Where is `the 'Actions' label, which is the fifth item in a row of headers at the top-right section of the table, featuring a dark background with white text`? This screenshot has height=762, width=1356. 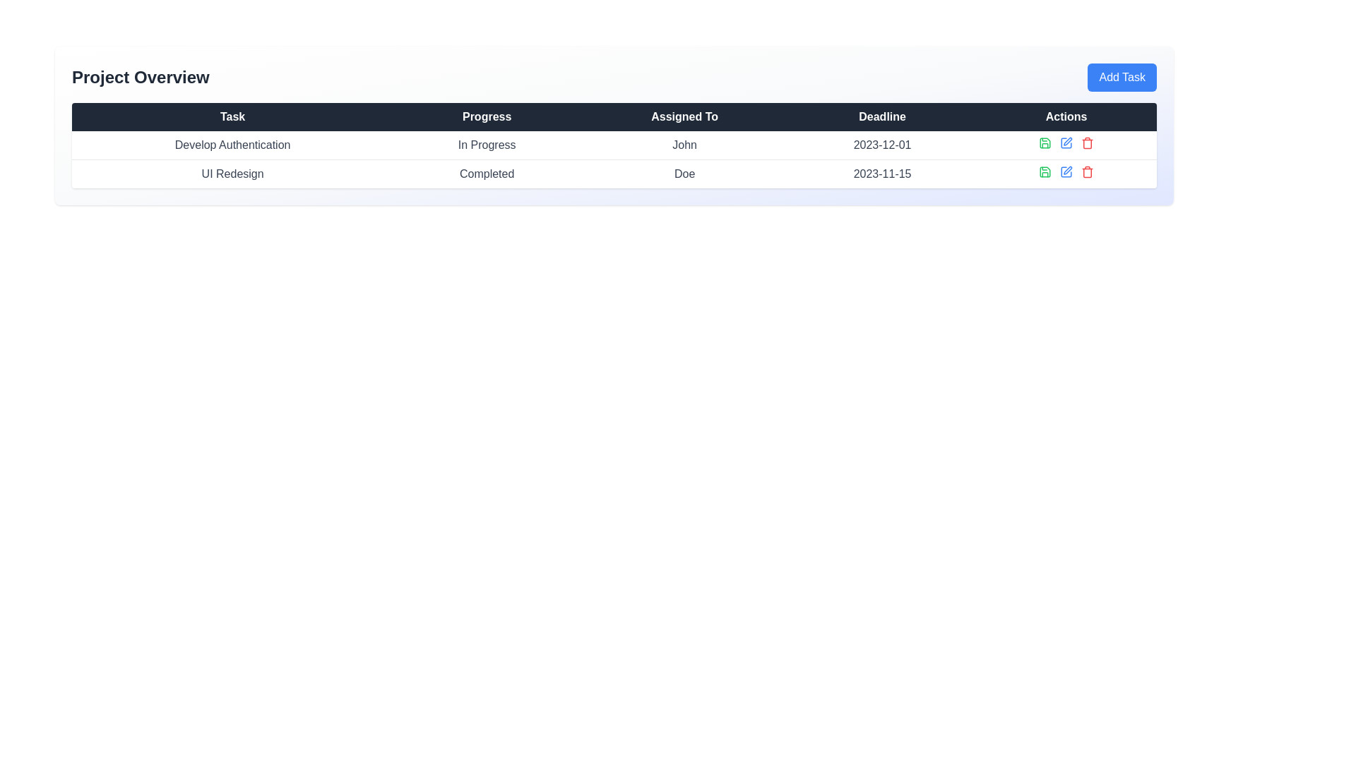
the 'Actions' label, which is the fifth item in a row of headers at the top-right section of the table, featuring a dark background with white text is located at coordinates (1066, 116).